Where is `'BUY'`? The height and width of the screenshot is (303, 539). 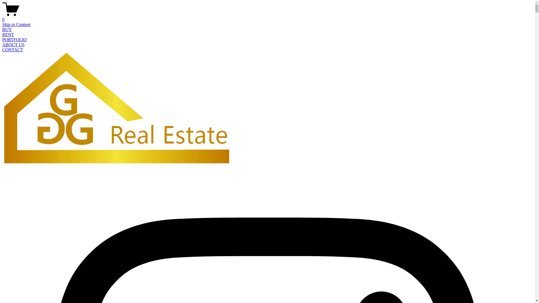 'BUY' is located at coordinates (7, 29).